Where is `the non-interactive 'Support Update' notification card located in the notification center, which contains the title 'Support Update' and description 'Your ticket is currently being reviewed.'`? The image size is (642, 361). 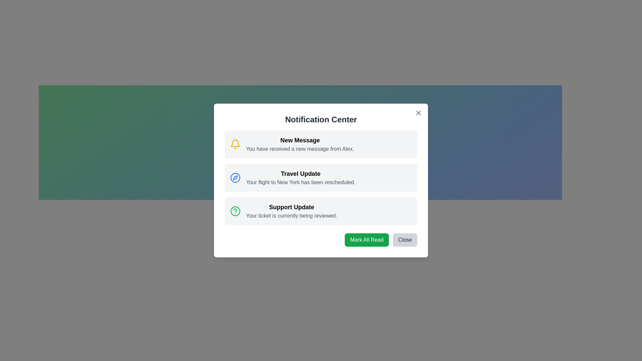
the non-interactive 'Support Update' notification card located in the notification center, which contains the title 'Support Update' and description 'Your ticket is currently being reviewed.' is located at coordinates (292, 211).